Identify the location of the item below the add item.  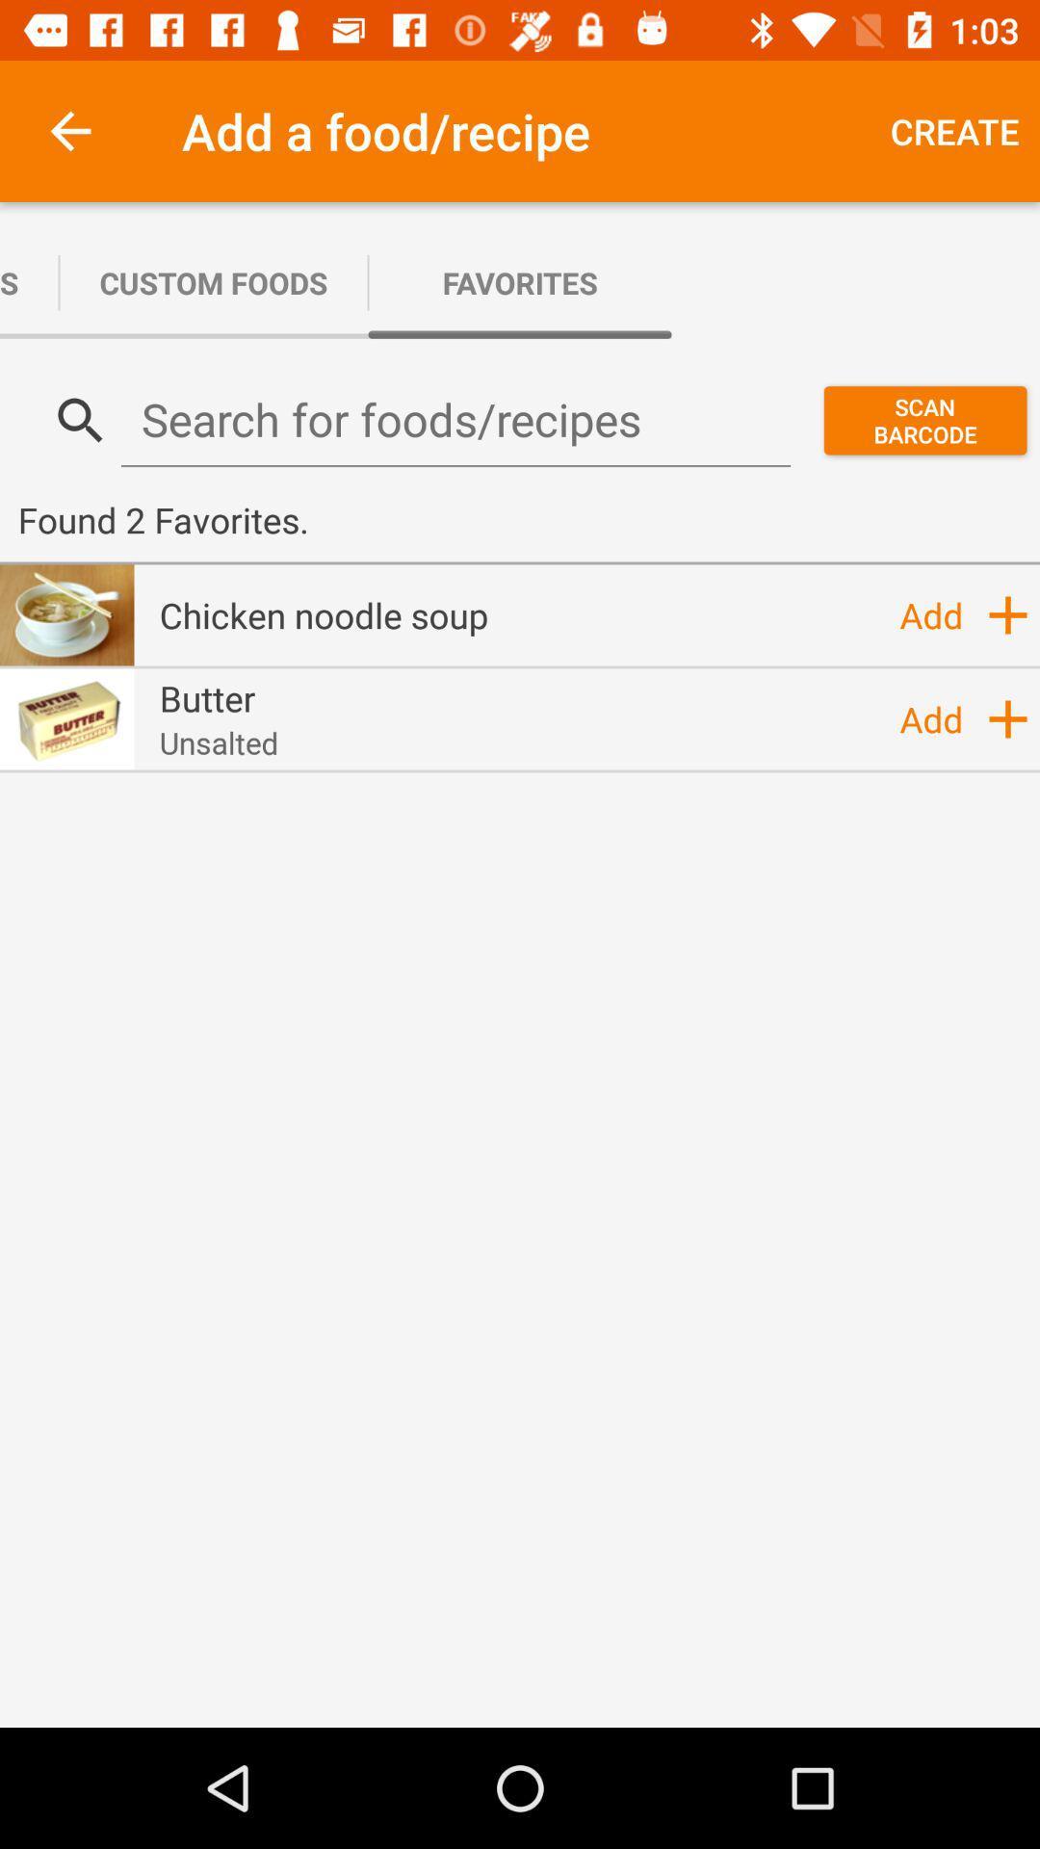
(1006, 718).